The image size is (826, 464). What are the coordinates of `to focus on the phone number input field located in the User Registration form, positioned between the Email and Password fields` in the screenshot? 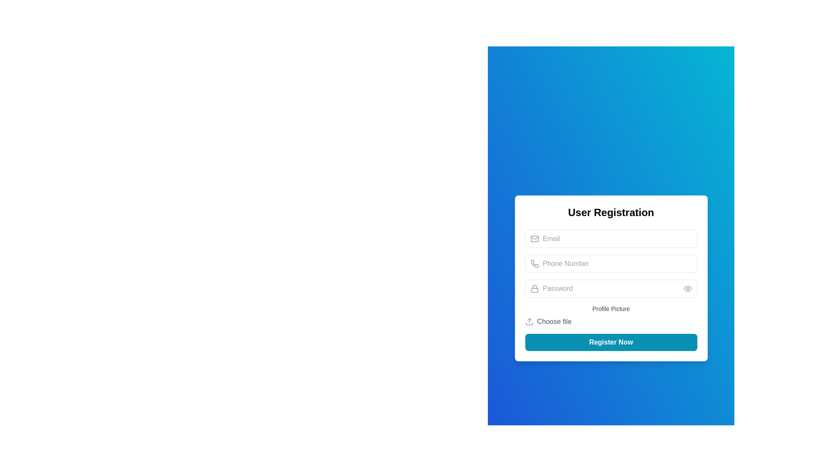 It's located at (610, 263).